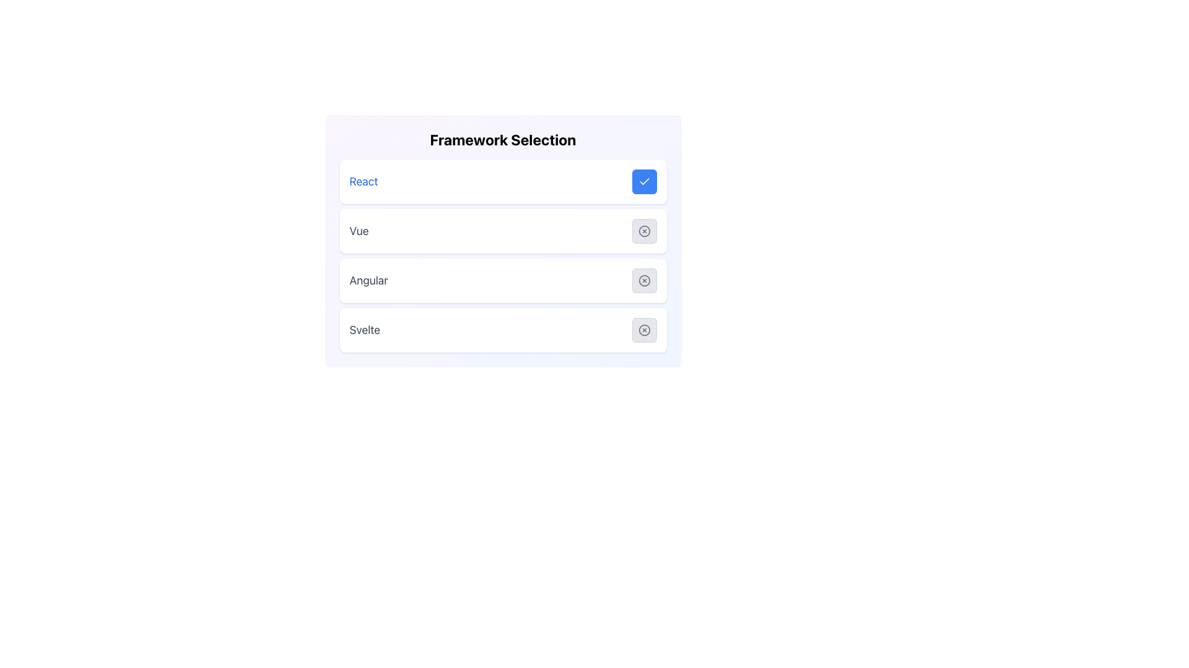 The width and height of the screenshot is (1189, 668). What do you see at coordinates (644, 281) in the screenshot?
I see `the close icon in the third row of the 'Framework Selection' list, which is aligned to the right of the 'Angular' label` at bounding box center [644, 281].